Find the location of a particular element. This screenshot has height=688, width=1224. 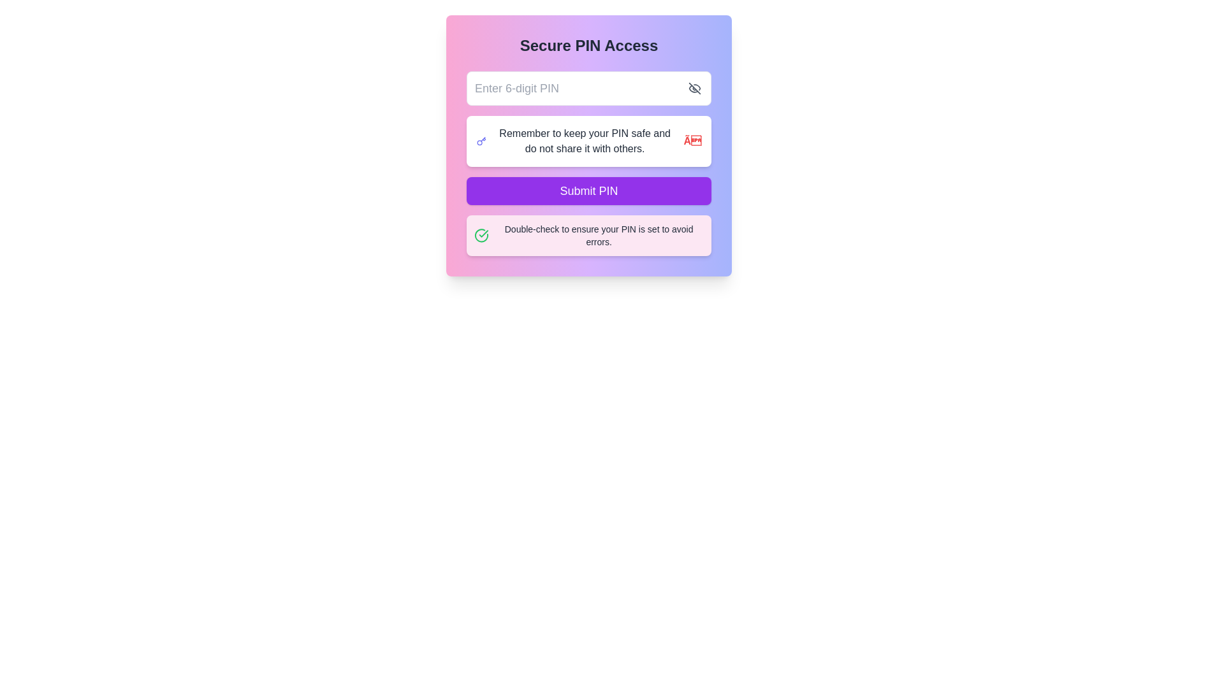

the Text Label that informs users about verifying their PIN settings, located centrally within a pink-highlighted notification box, to the right of a green circular icon with a checkmark is located at coordinates (598, 236).